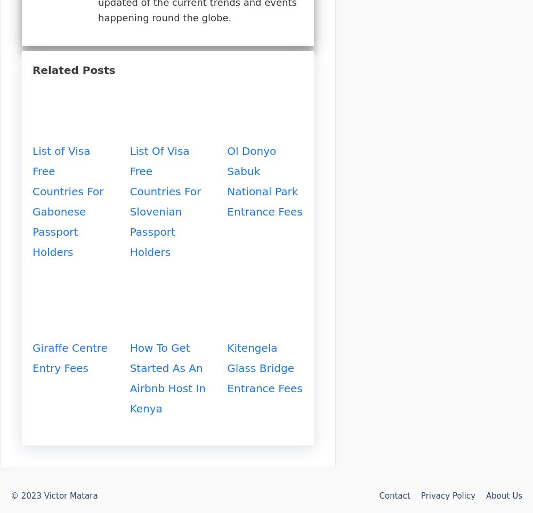 Image resolution: width=533 pixels, height=513 pixels. Describe the element at coordinates (394, 495) in the screenshot. I see `'Contact'` at that location.